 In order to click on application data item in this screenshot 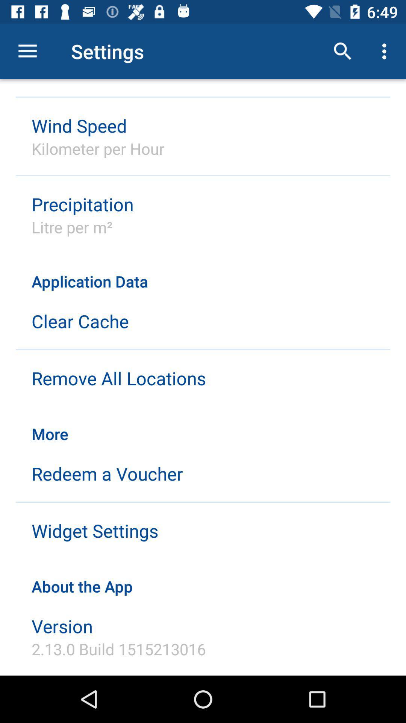, I will do `click(203, 273)`.